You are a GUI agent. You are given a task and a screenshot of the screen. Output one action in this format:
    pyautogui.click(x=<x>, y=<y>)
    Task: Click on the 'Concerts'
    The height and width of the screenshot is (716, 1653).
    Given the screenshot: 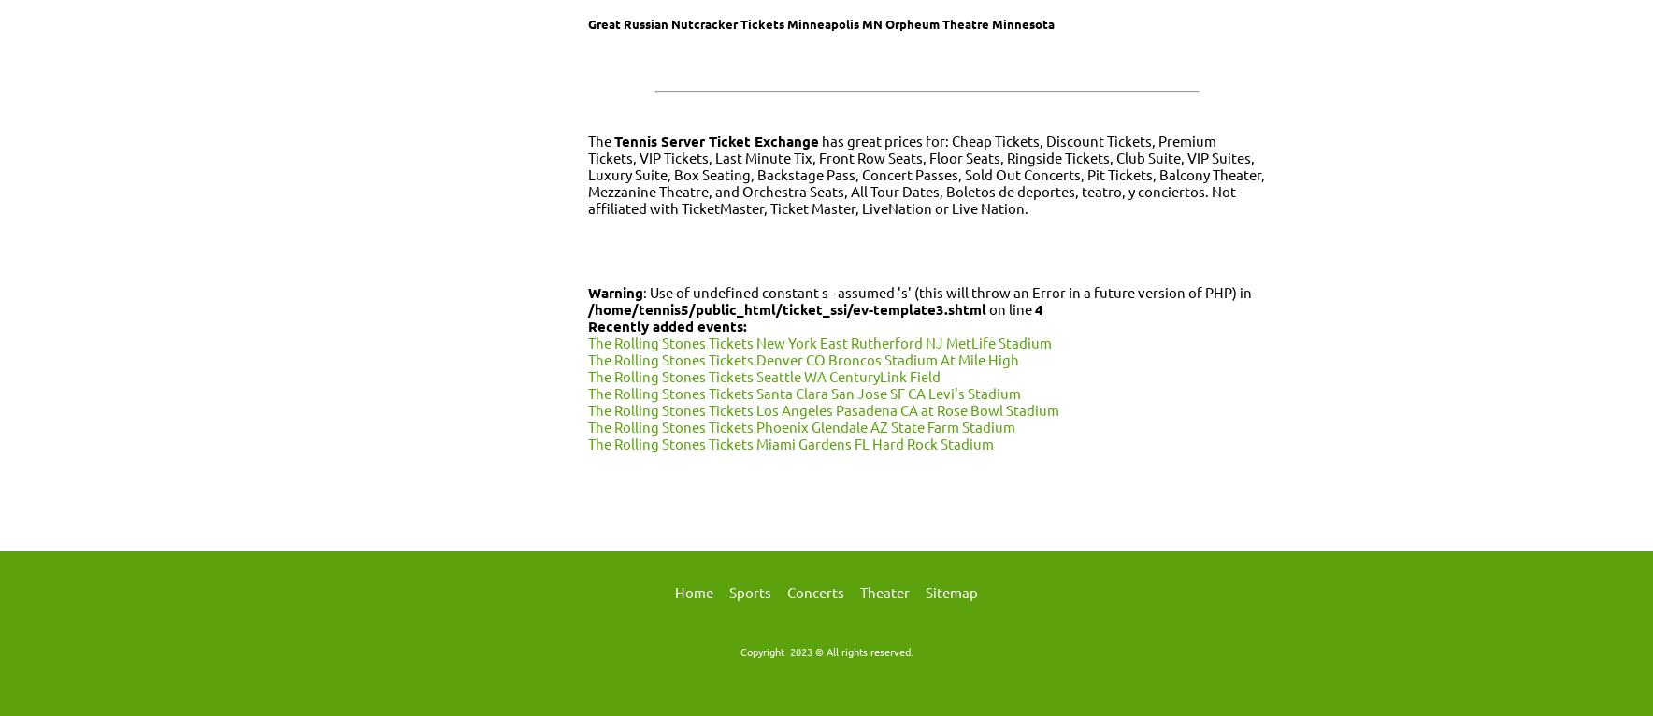 What is the action you would take?
    pyautogui.click(x=815, y=591)
    